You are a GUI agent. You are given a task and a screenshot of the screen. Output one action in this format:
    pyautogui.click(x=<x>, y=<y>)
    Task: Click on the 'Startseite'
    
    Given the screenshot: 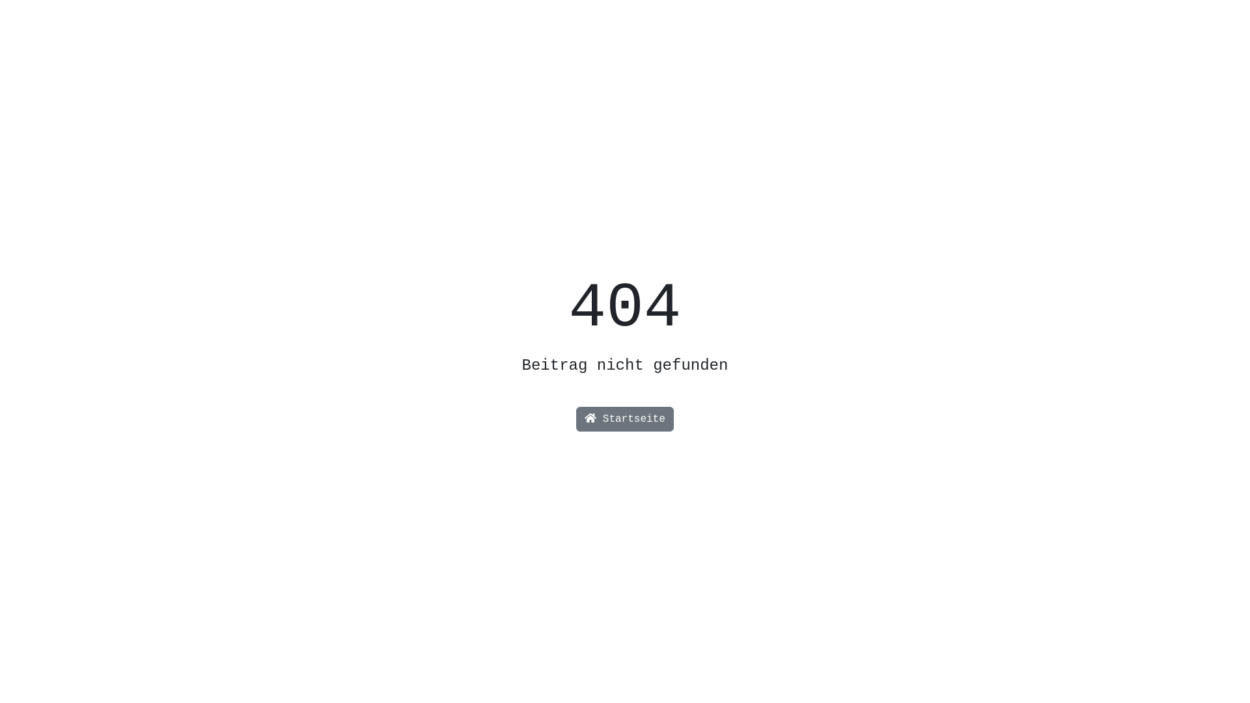 What is the action you would take?
    pyautogui.click(x=625, y=419)
    